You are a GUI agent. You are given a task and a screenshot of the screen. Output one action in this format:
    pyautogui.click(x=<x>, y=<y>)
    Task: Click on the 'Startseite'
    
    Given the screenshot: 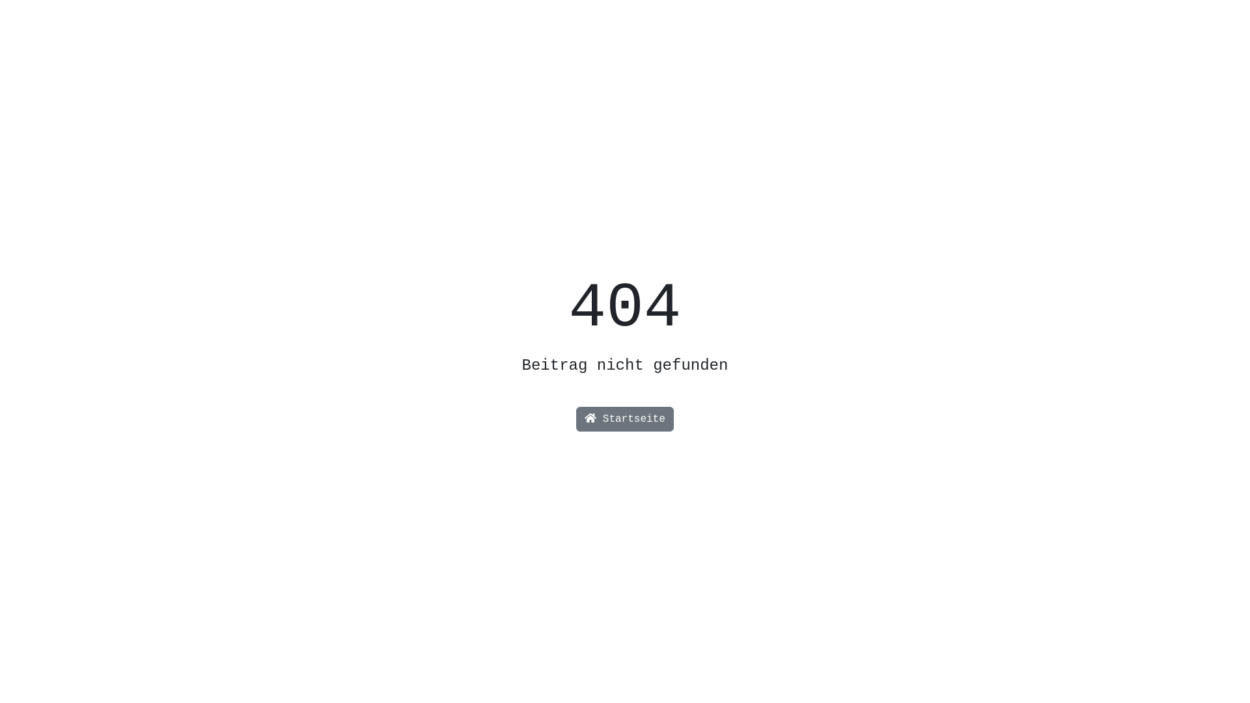 What is the action you would take?
    pyautogui.click(x=625, y=419)
    